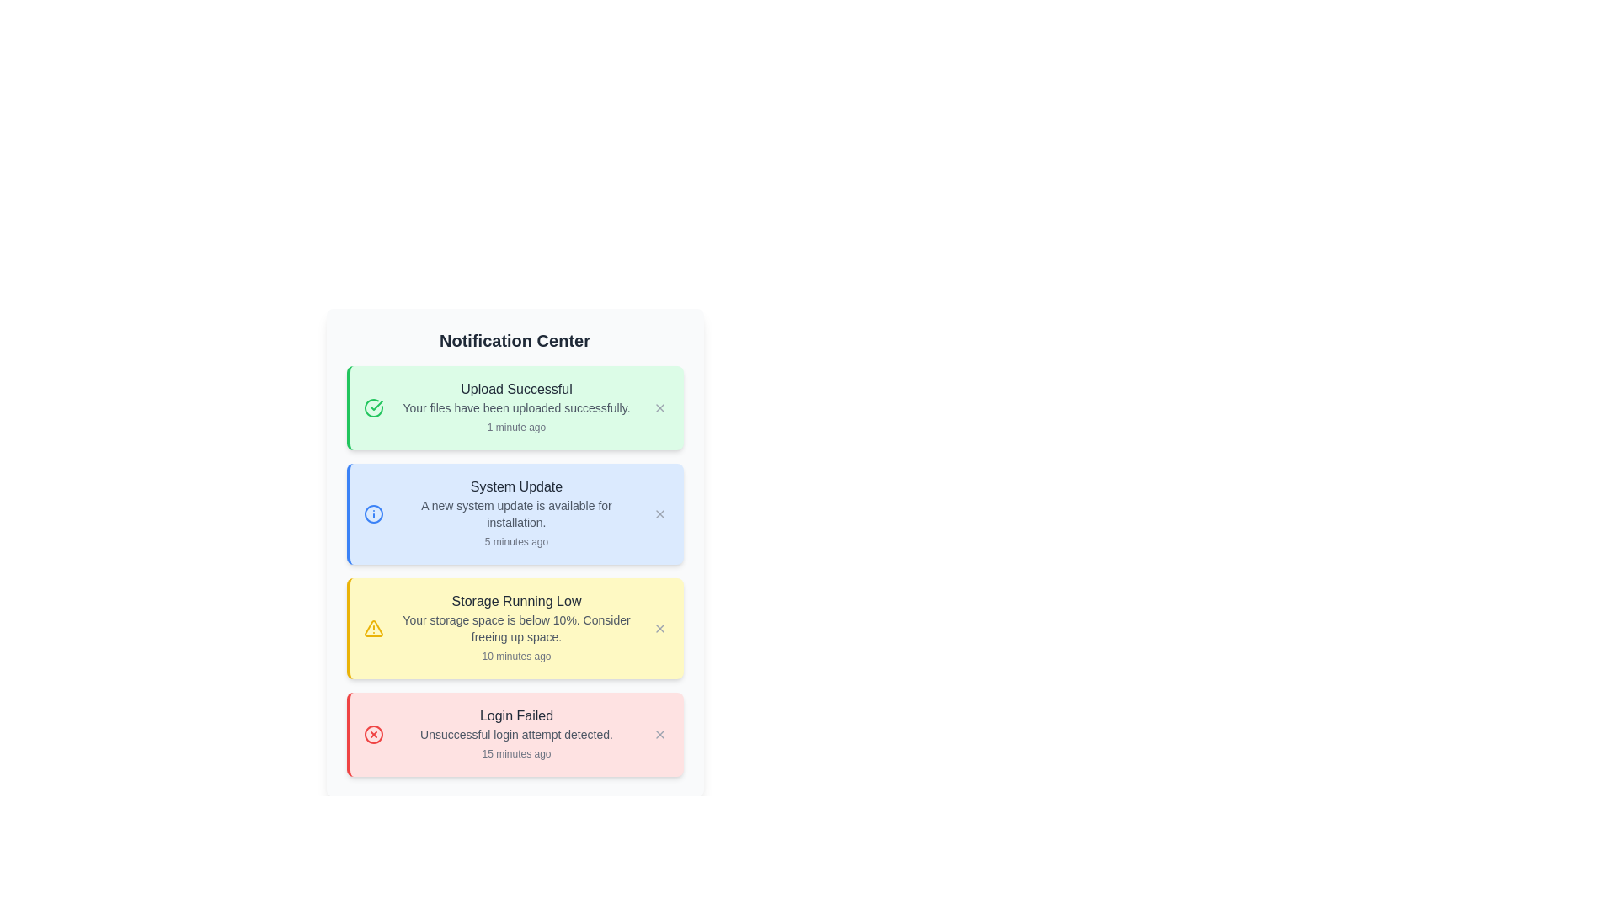 The width and height of the screenshot is (1617, 909). Describe the element at coordinates (515, 752) in the screenshot. I see `the text label that displays the relative time of the 'Login Failed' notification, positioned at the bottom of the notification card` at that location.